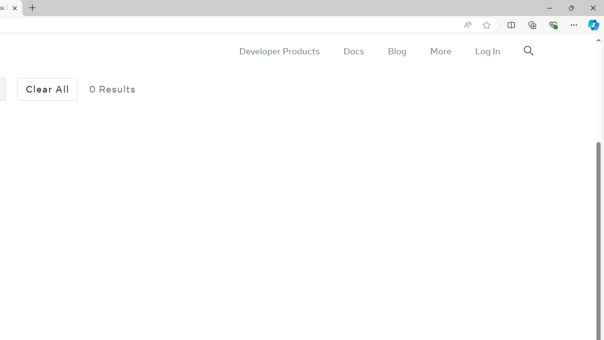 The width and height of the screenshot is (604, 340). What do you see at coordinates (397, 51) in the screenshot?
I see `'Blog'` at bounding box center [397, 51].